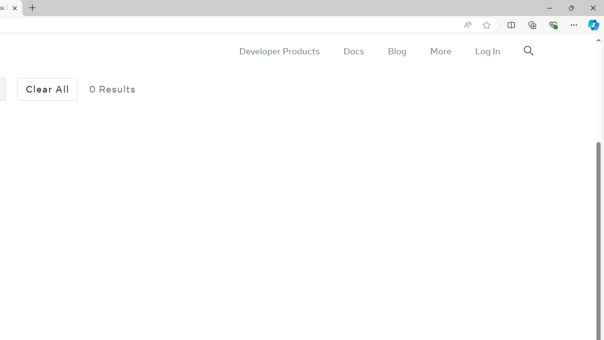 The width and height of the screenshot is (604, 340). What do you see at coordinates (397, 51) in the screenshot?
I see `'Blog'` at bounding box center [397, 51].